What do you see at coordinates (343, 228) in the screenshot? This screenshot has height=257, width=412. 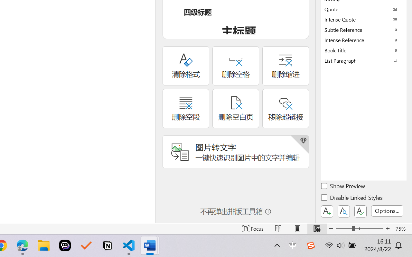 I see `'Zoom Out'` at bounding box center [343, 228].